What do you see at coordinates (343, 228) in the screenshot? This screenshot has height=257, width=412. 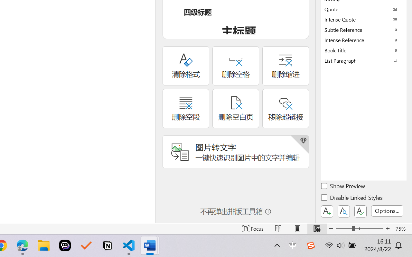 I see `'Zoom Out'` at bounding box center [343, 228].